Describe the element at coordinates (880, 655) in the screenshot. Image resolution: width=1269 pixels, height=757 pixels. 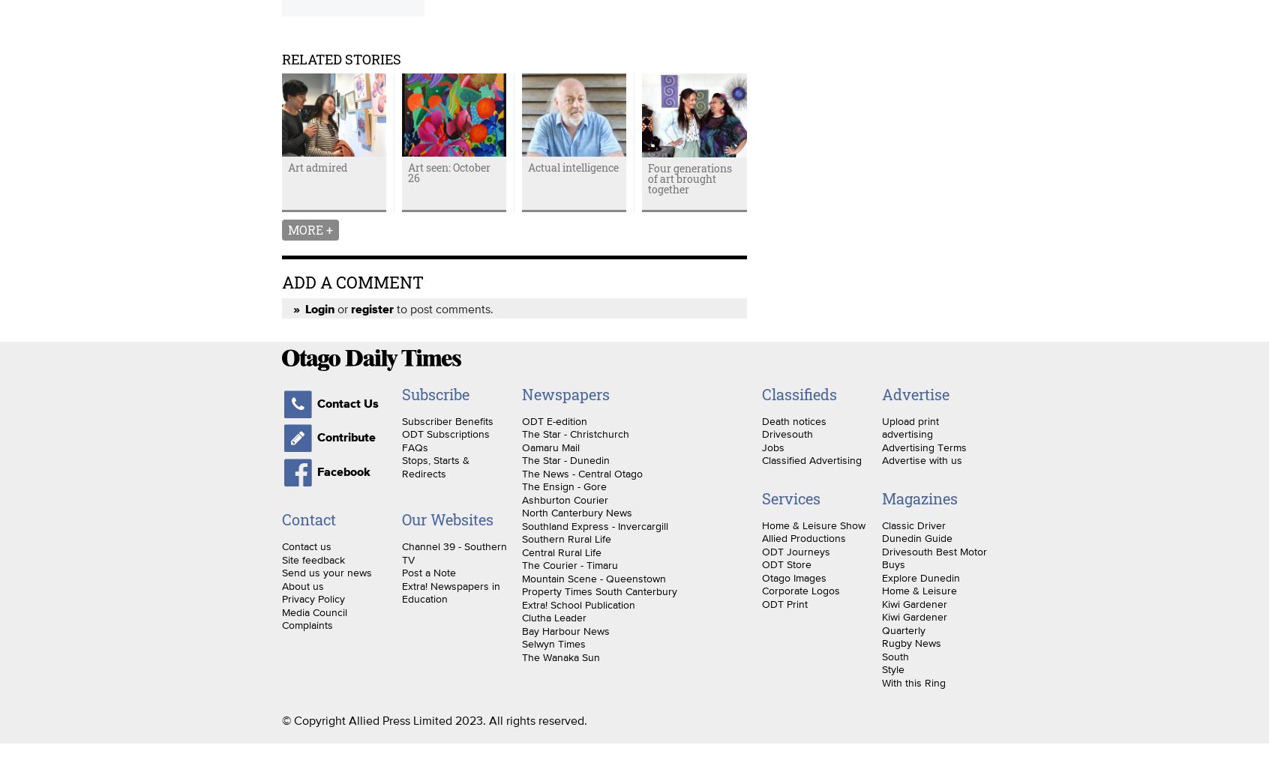
I see `'South'` at that location.